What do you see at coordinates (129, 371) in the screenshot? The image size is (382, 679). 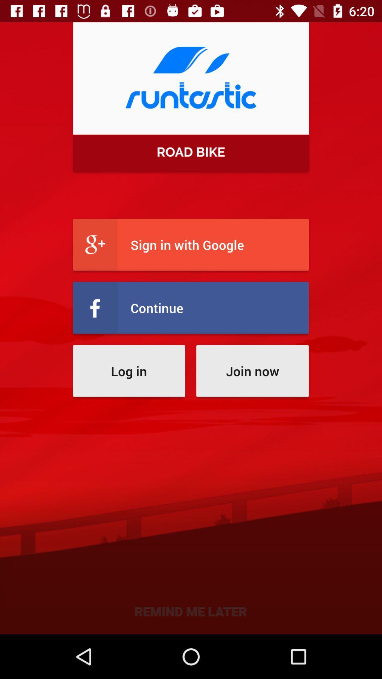 I see `the log in` at bounding box center [129, 371].